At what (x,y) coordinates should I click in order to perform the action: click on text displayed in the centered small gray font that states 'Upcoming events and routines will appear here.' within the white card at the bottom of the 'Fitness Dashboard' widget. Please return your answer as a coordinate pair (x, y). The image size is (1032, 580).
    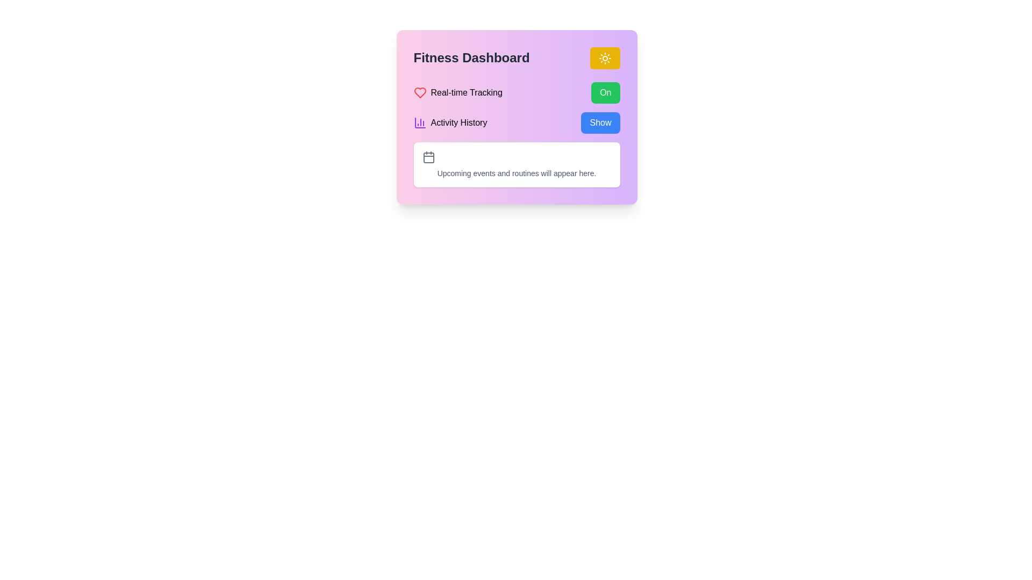
    Looking at the image, I should click on (517, 172).